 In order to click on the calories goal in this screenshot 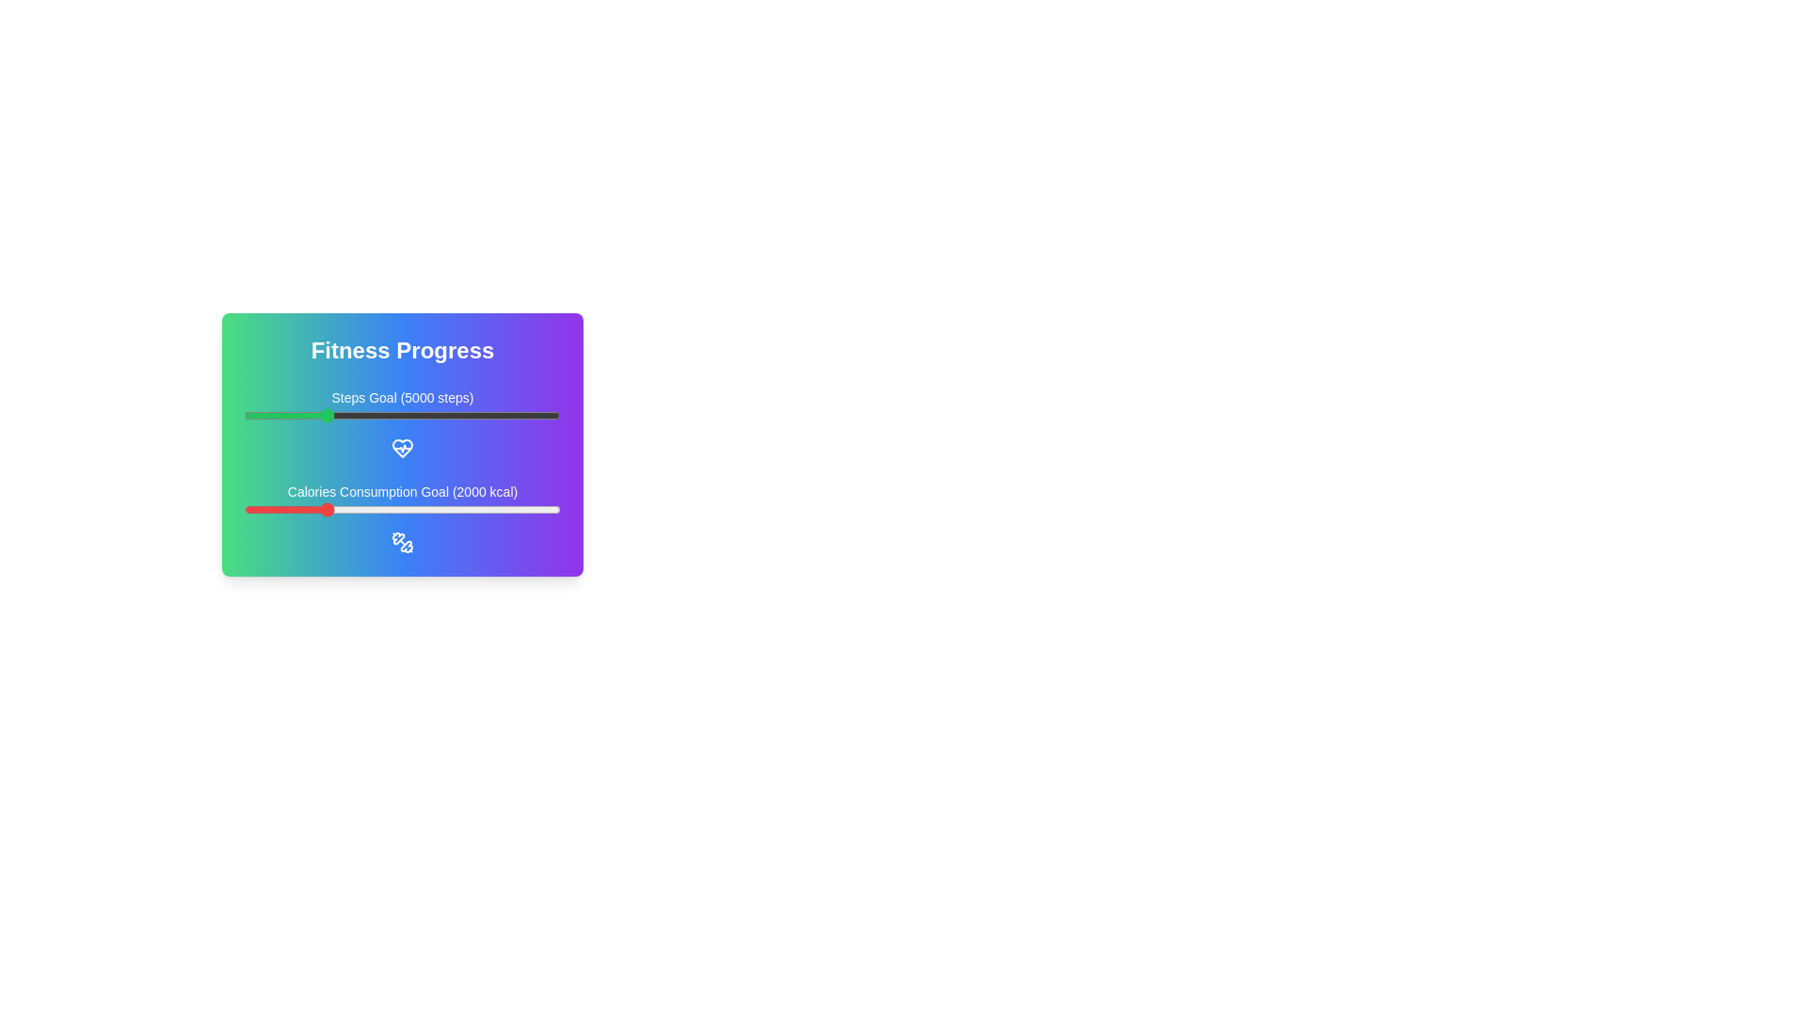, I will do `click(513, 510)`.